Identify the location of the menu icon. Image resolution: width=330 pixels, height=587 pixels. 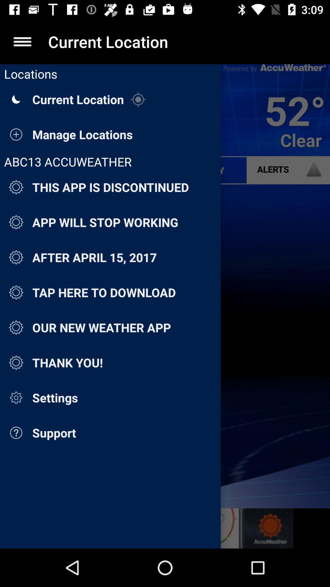
(22, 41).